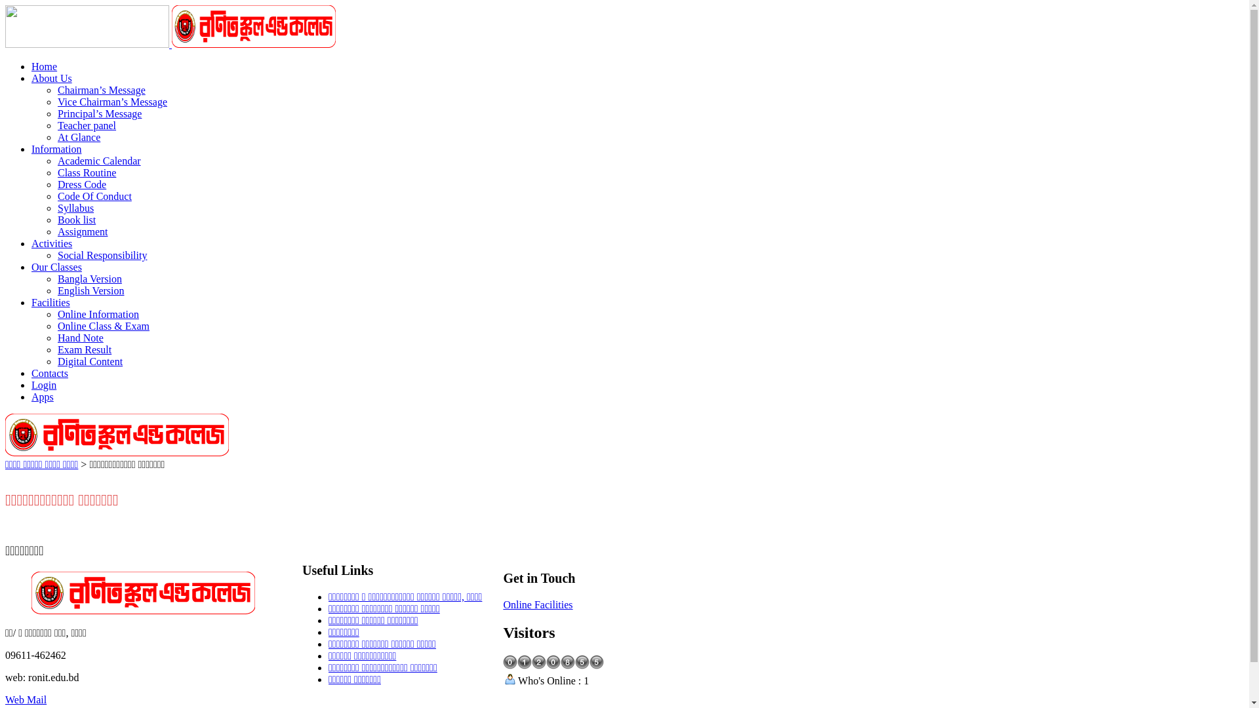  I want to click on 'Facilities', so click(50, 302).